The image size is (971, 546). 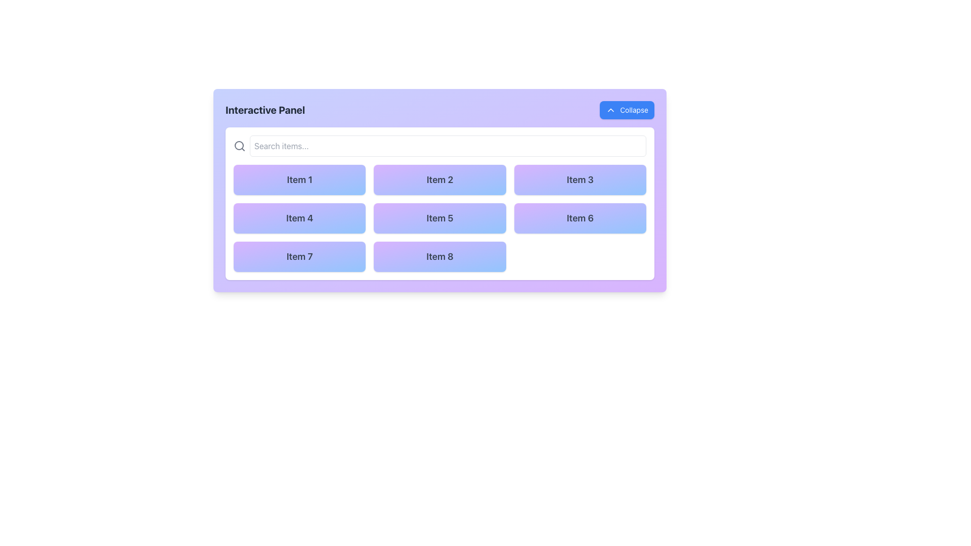 I want to click on the rectangular card labeled 'Item 4' with a gradient background transitioning from light blue to light purple, located in the middle left area of the grid layout, so click(x=299, y=218).